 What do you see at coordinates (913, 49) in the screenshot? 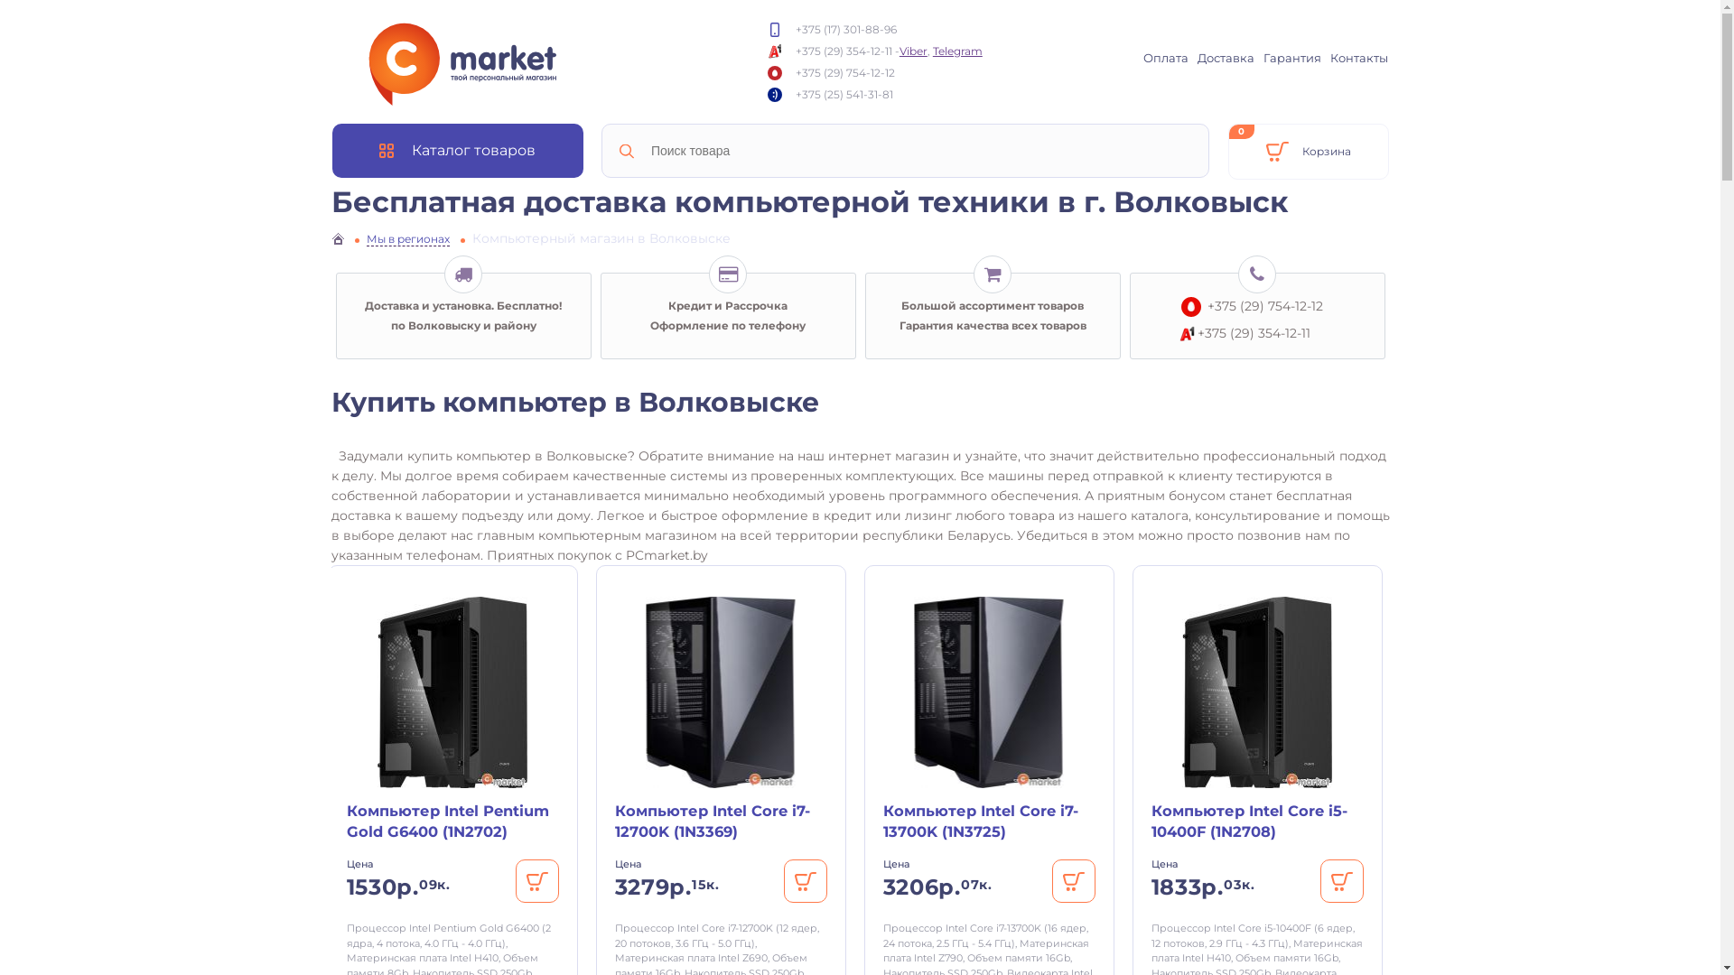
I see `'Viber'` at bounding box center [913, 49].